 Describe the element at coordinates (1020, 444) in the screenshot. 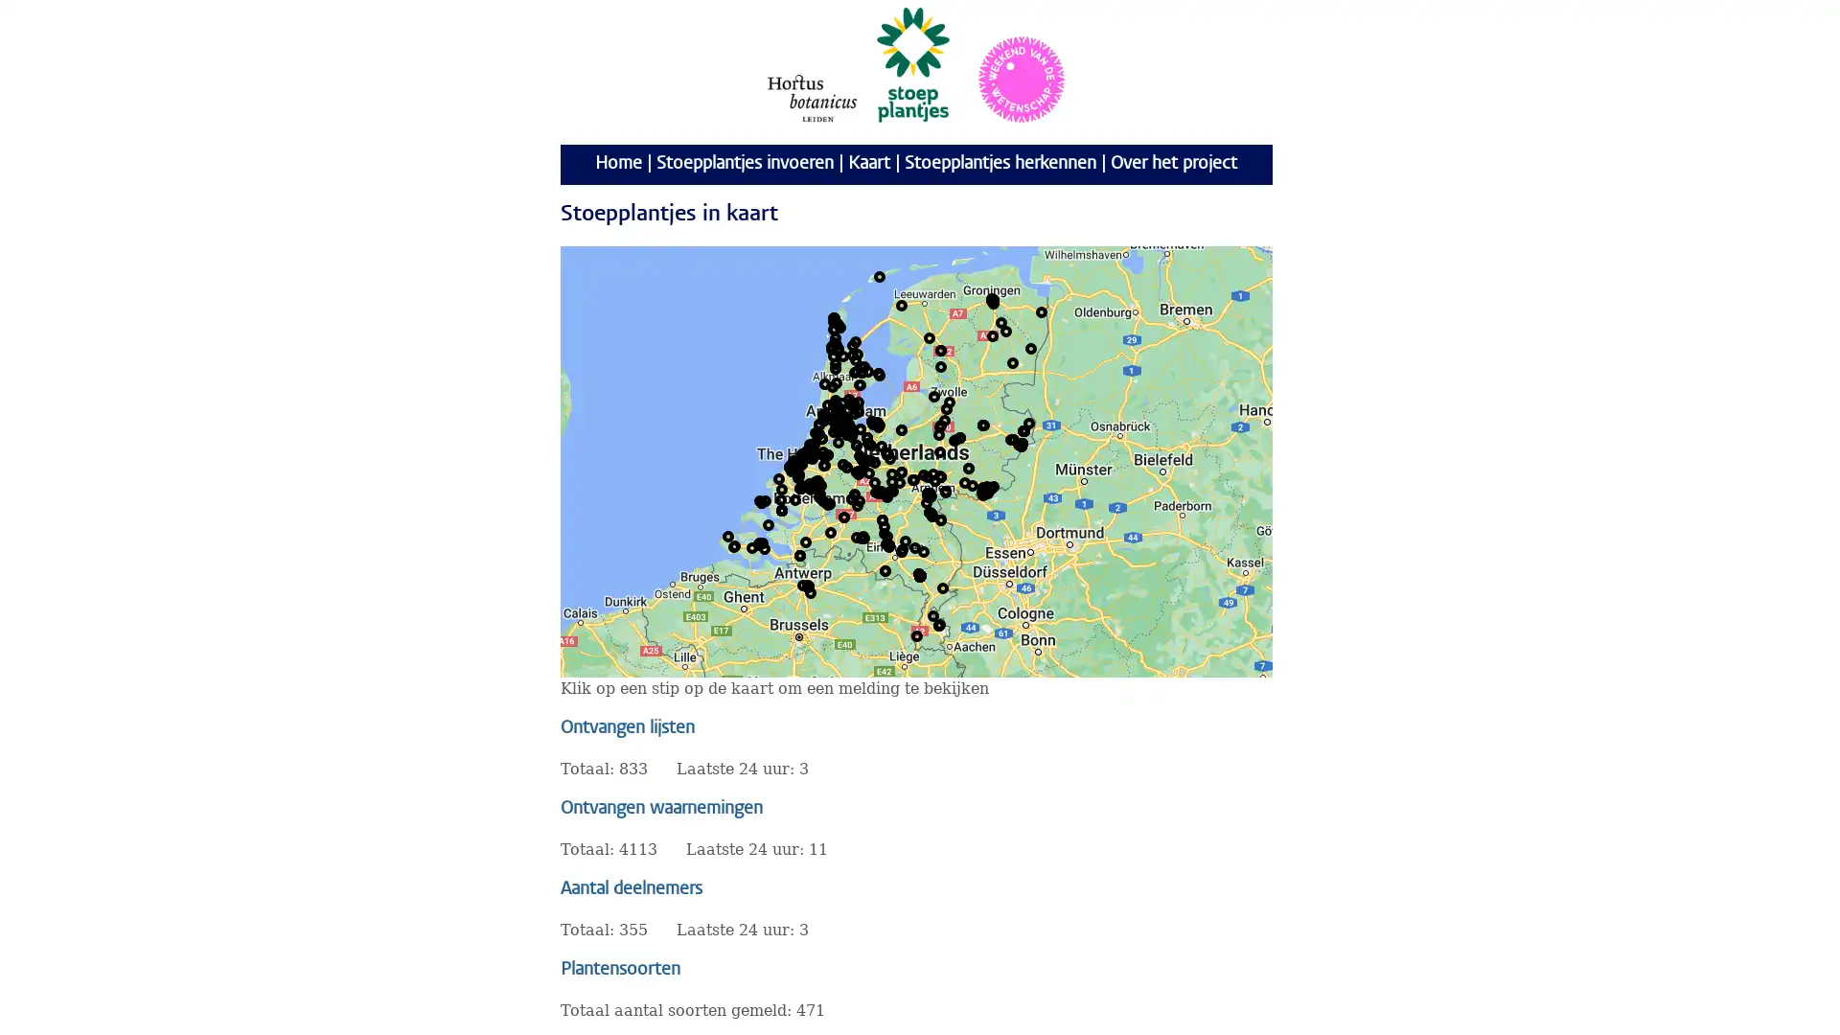

I see `Telling van Marcel Meijer Hof op 21 januari 2022` at that location.